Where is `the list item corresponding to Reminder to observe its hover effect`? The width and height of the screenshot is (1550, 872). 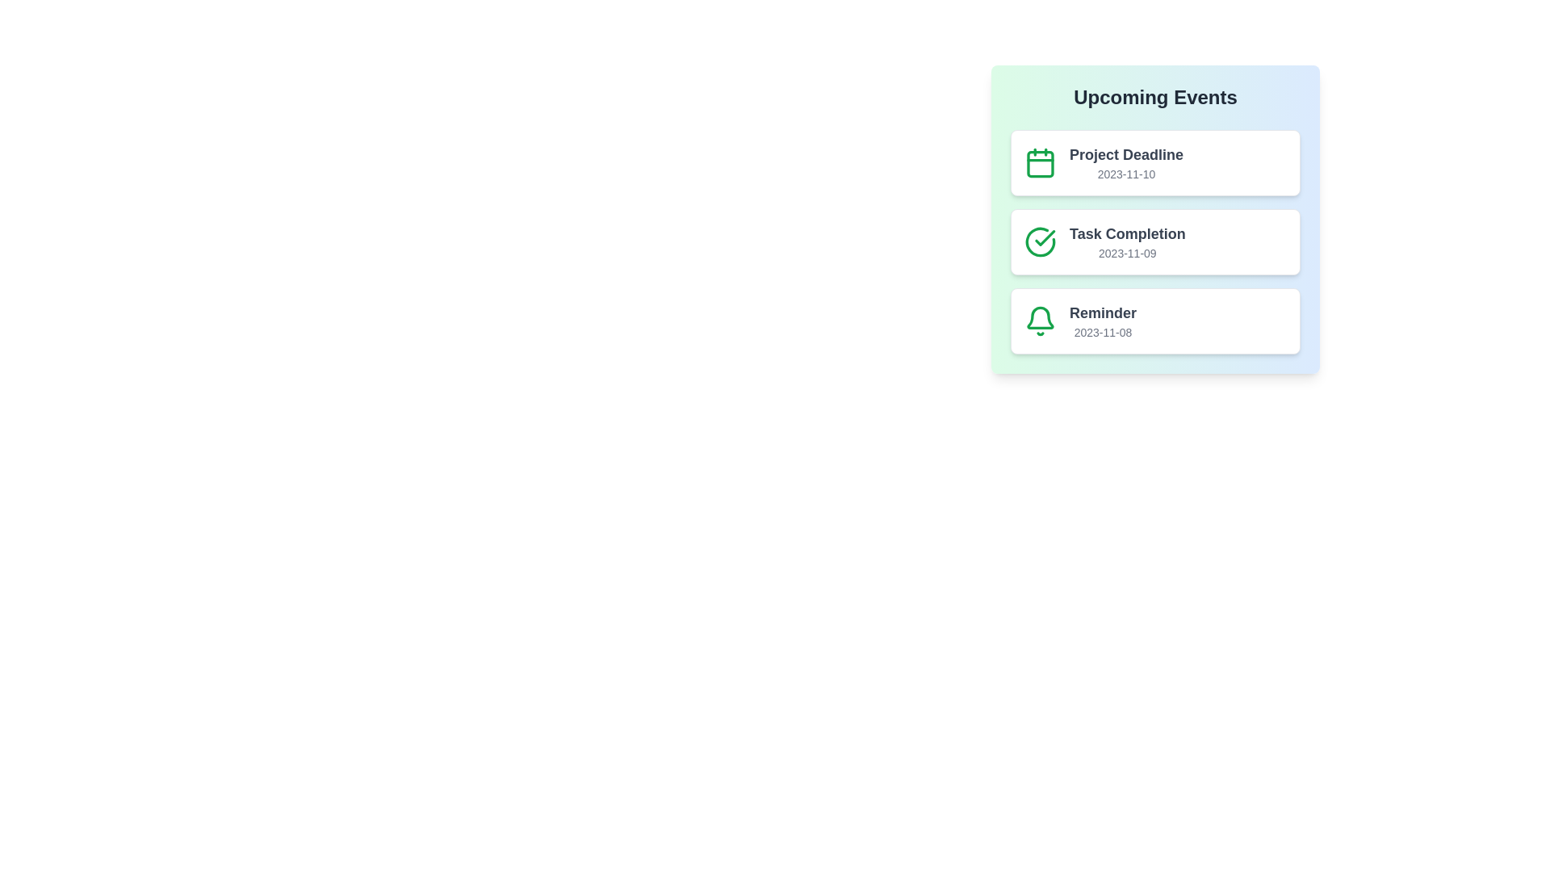 the list item corresponding to Reminder to observe its hover effect is located at coordinates (1154, 321).